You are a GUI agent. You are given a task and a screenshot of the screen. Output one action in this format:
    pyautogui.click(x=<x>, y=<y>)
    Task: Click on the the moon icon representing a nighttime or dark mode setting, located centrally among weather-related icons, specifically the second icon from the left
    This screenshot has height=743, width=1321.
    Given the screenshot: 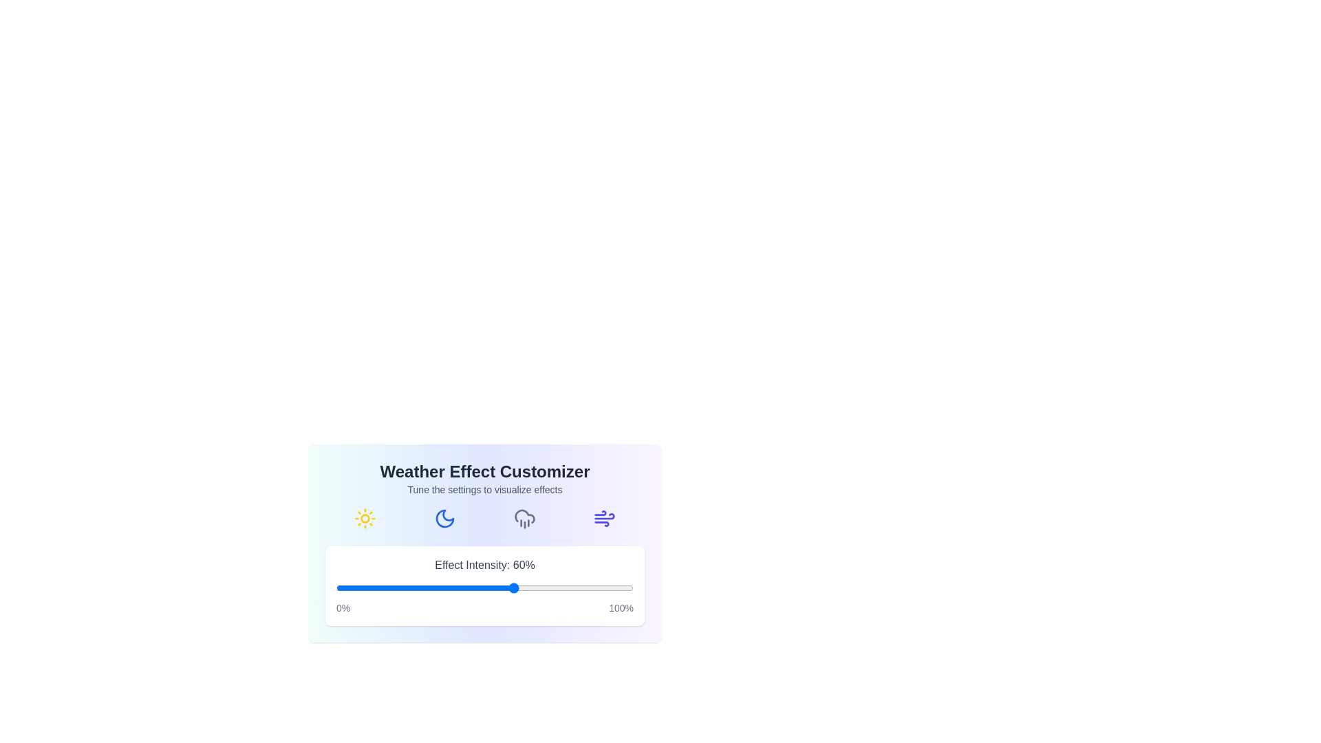 What is the action you would take?
    pyautogui.click(x=445, y=518)
    